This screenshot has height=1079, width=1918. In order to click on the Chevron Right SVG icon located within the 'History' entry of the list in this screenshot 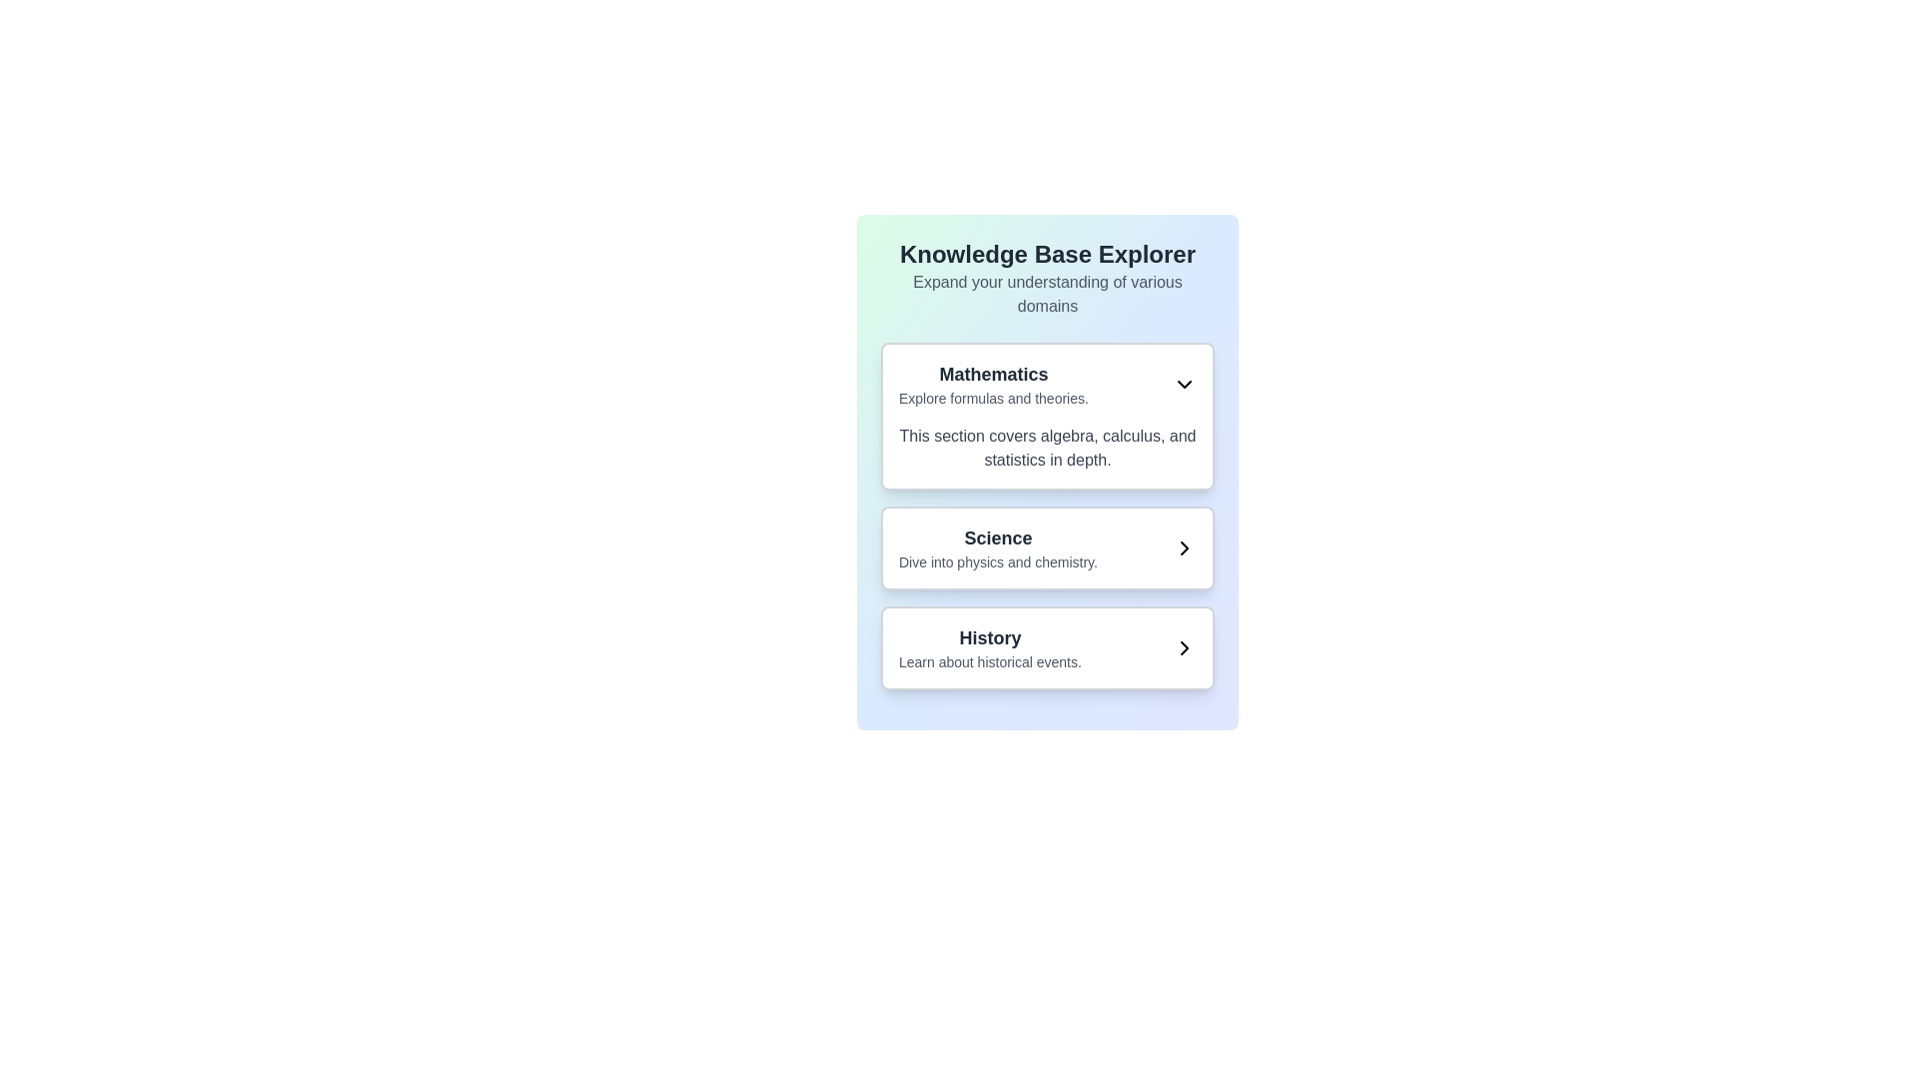, I will do `click(1184, 647)`.